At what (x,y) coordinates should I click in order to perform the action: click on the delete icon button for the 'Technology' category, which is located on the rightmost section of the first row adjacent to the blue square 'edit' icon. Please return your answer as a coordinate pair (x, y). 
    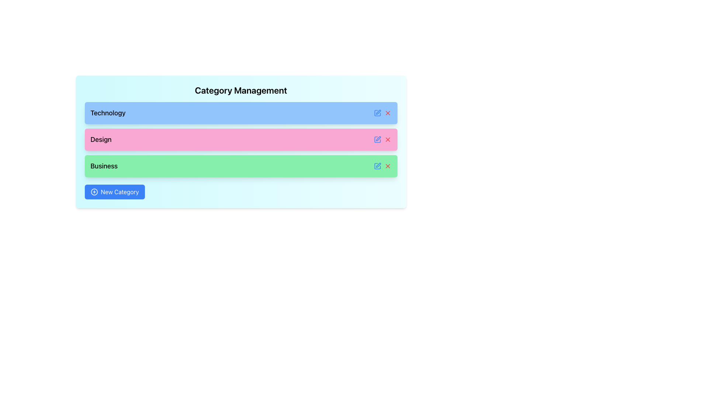
    Looking at the image, I should click on (387, 113).